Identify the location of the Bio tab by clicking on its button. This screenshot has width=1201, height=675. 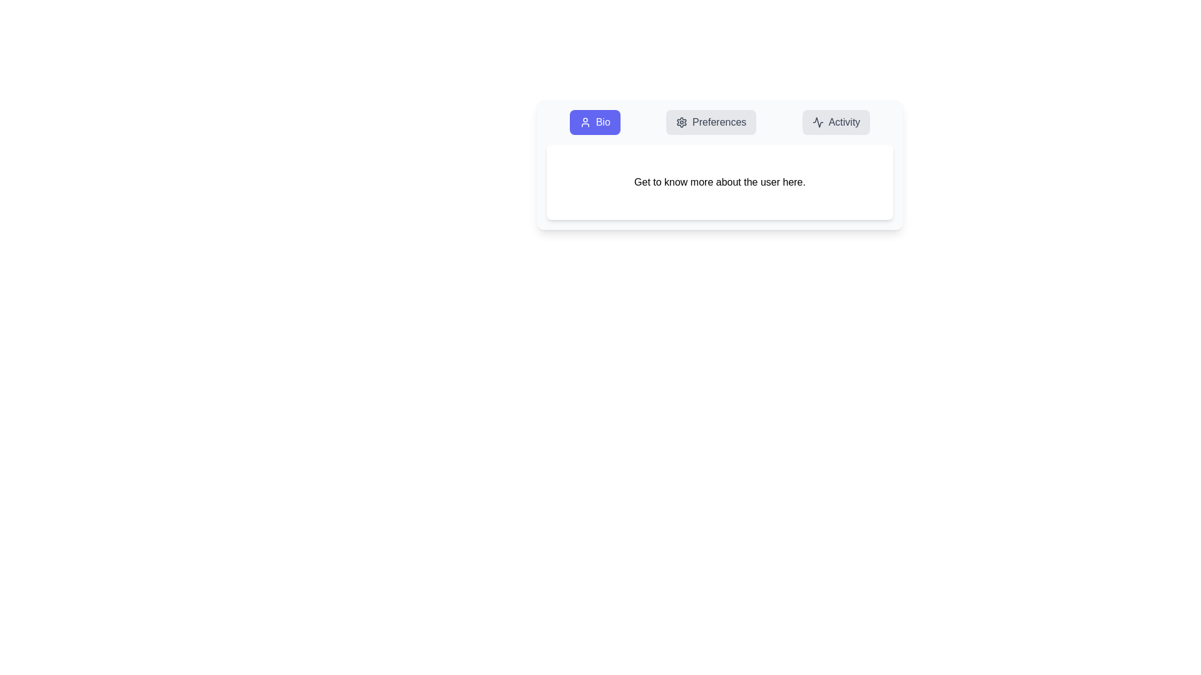
(594, 122).